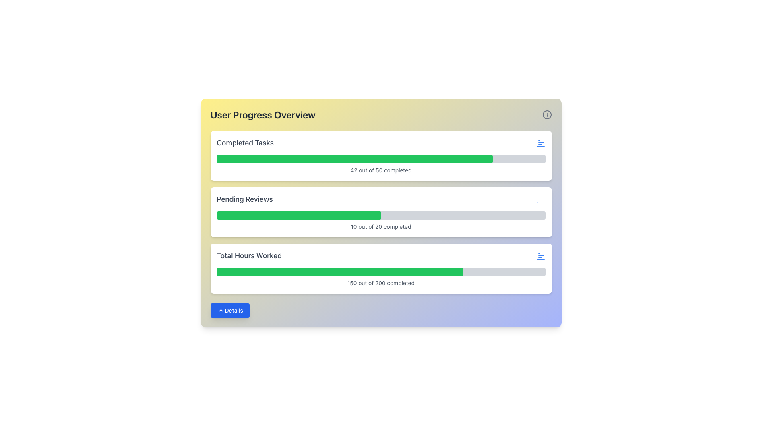  Describe the element at coordinates (380, 227) in the screenshot. I see `the text label displaying '10 out of 20 completed' located below the progress bar in the 'Pending Reviews' section` at that location.